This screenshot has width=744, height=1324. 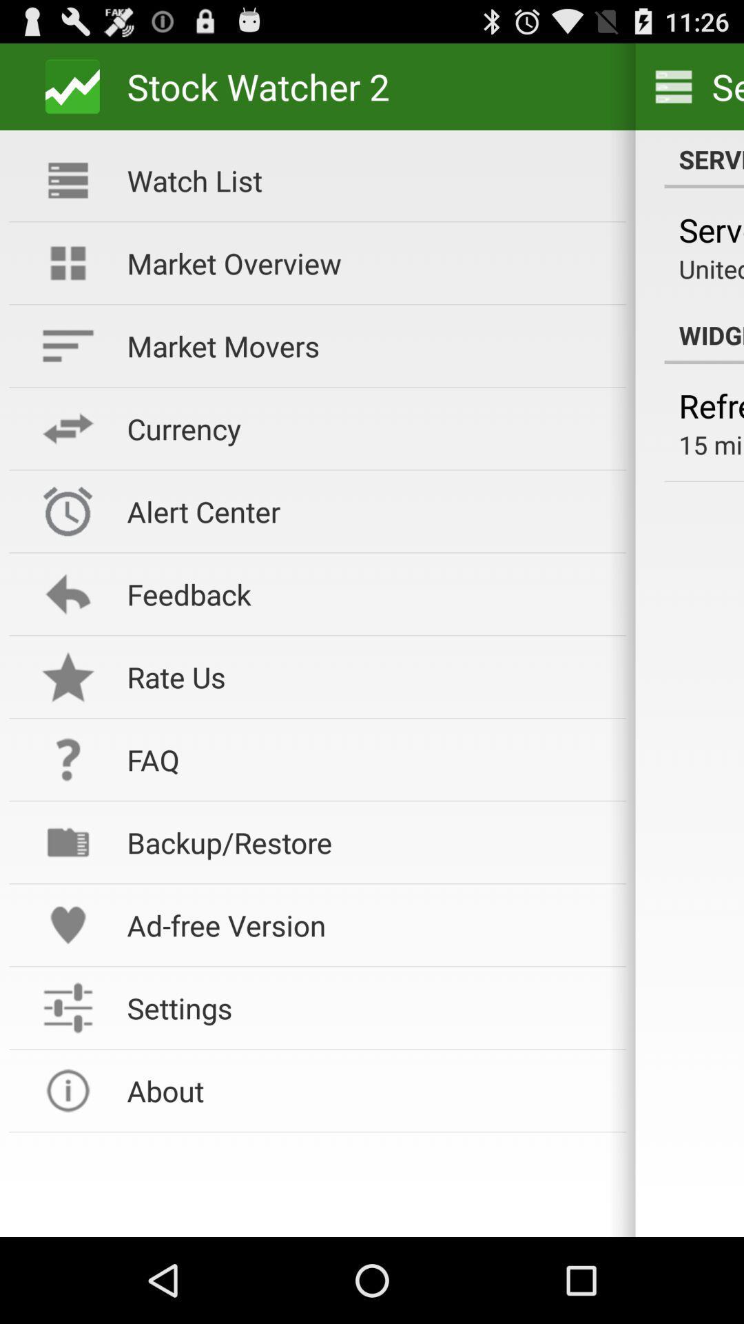 What do you see at coordinates (366, 925) in the screenshot?
I see `ad-free version app` at bounding box center [366, 925].